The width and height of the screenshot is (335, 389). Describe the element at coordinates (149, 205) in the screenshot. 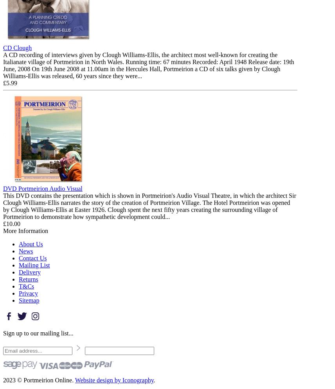

I see `'This DVD contains the presentation which is shown in Portmeirion's Audio Visual Theatre, in which the architect Sir Clough Williams-Ellis narrates the story of the creation of Portmeirion Village.
The Hotel Portmeirion was opened by Clough Williams-Ellis at Easter 1926. Clough spent the next fifty years creating the surrounding village of Portmeirion to demonstrate how sympathetic development could...'` at that location.